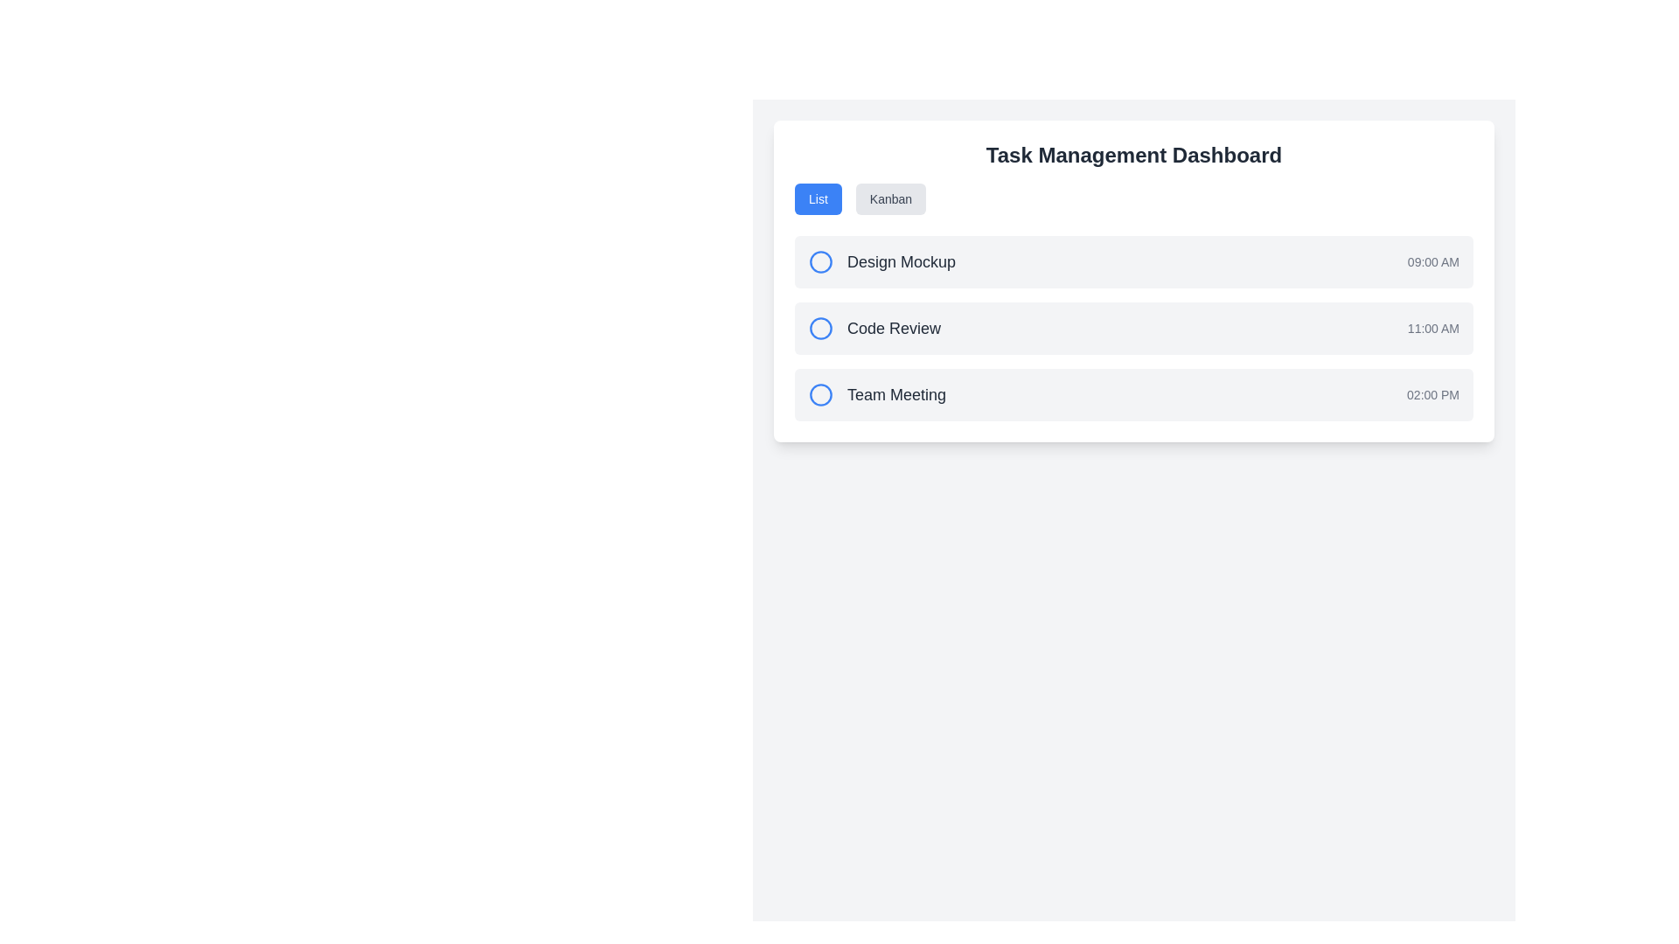  What do you see at coordinates (894, 328) in the screenshot?
I see `the 'Code Review' text label, which is styled with a medium weight font and grayish color, positioned among other task items in a vertical stack` at bounding box center [894, 328].